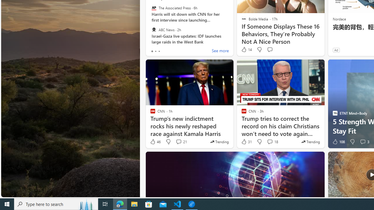 This screenshot has width=374, height=210. Describe the element at coordinates (272, 142) in the screenshot. I see `'View comments 18 Comment'` at that location.